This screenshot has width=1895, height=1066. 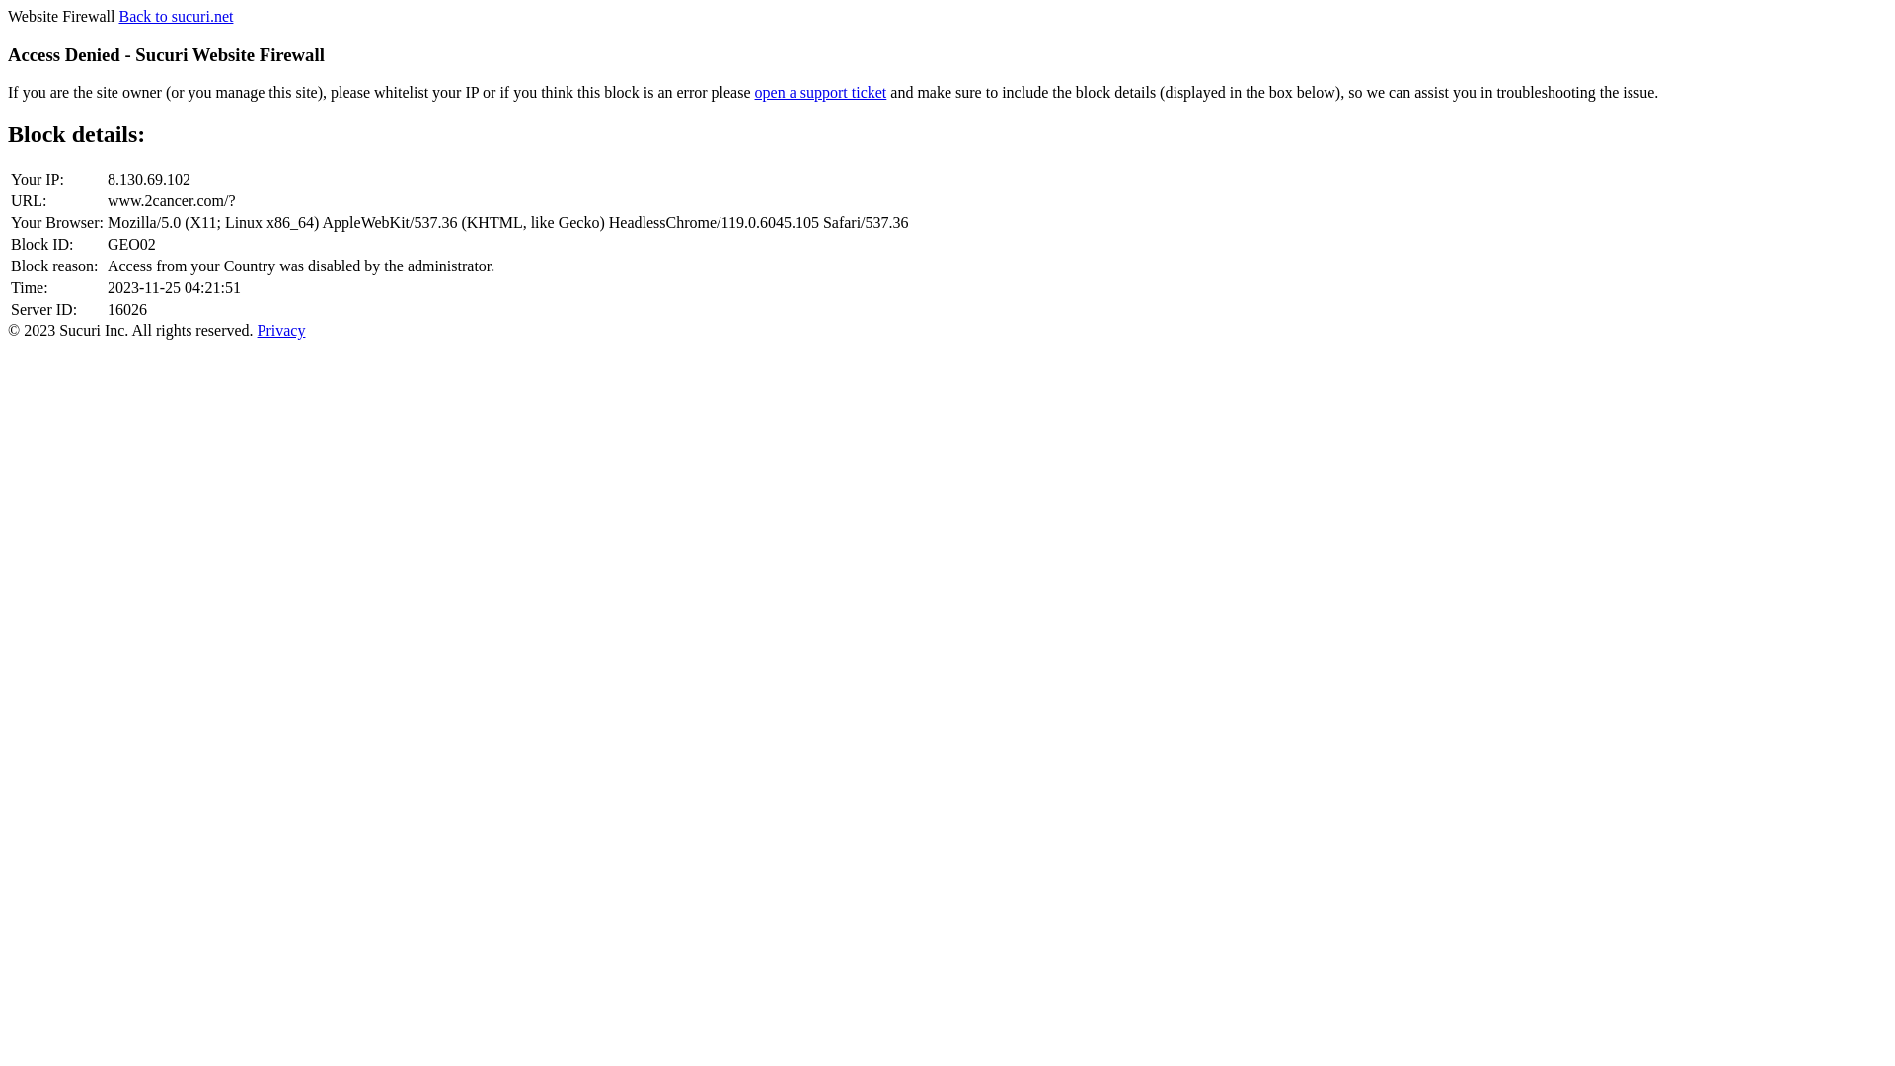 I want to click on 'Privacy', so click(x=280, y=329).